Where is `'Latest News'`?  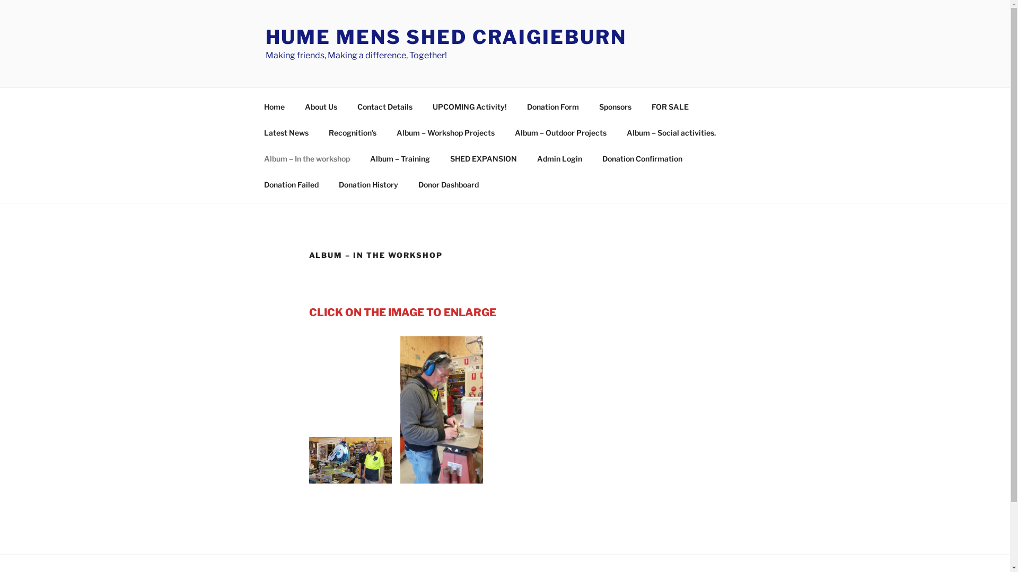 'Latest News' is located at coordinates (286, 132).